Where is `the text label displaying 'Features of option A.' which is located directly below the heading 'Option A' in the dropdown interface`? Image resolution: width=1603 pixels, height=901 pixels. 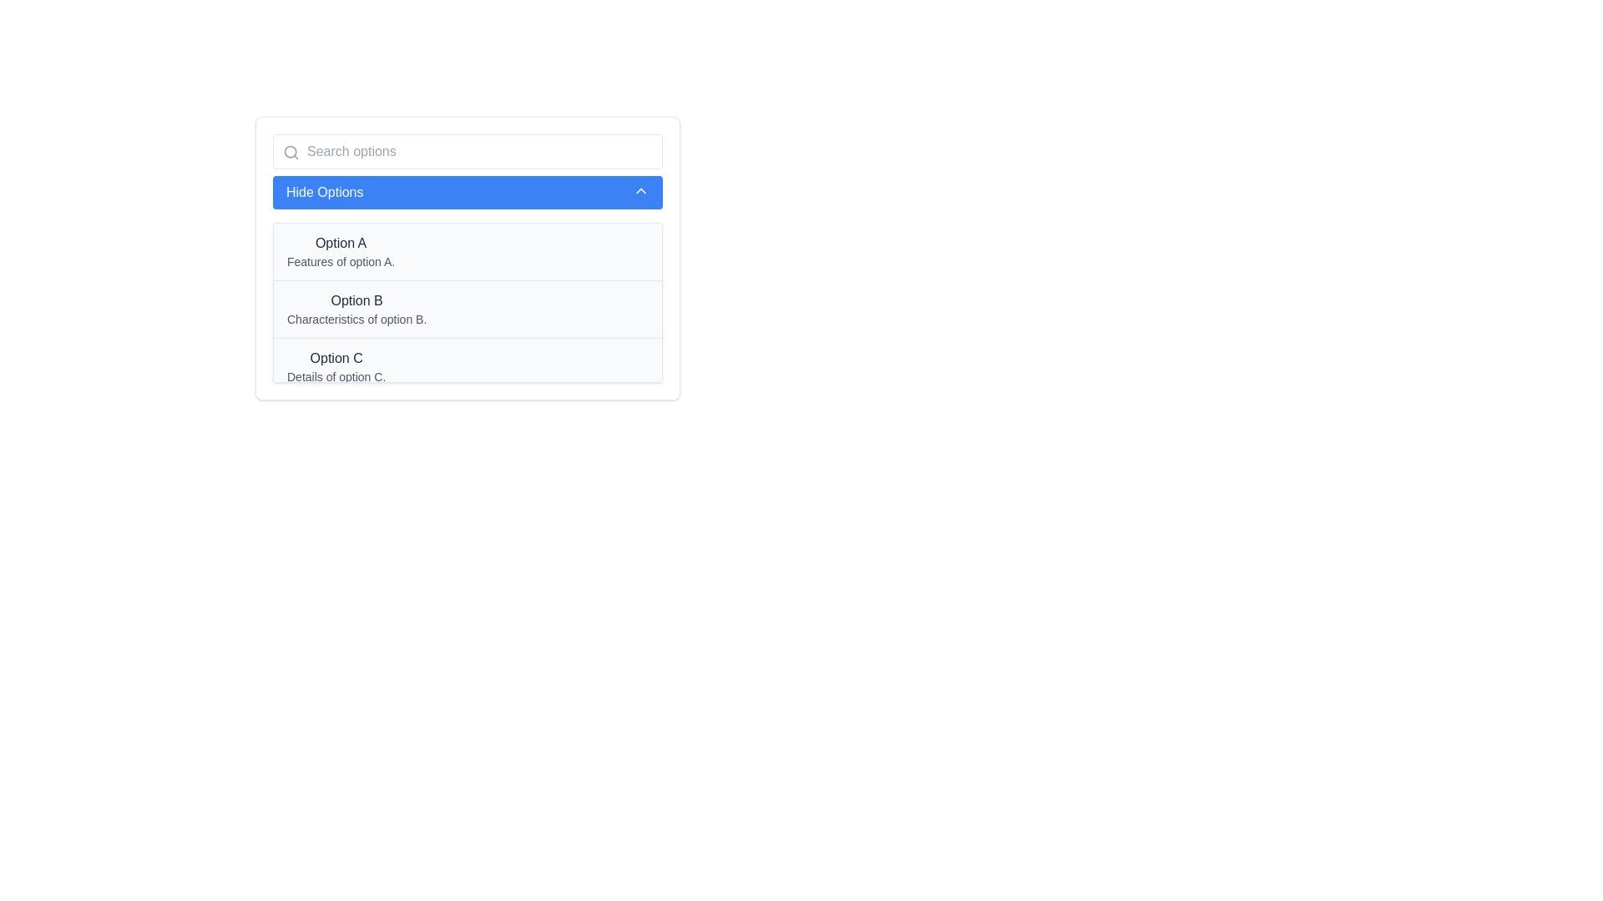
the text label displaying 'Features of option A.' which is located directly below the heading 'Option A' in the dropdown interface is located at coordinates (340, 261).